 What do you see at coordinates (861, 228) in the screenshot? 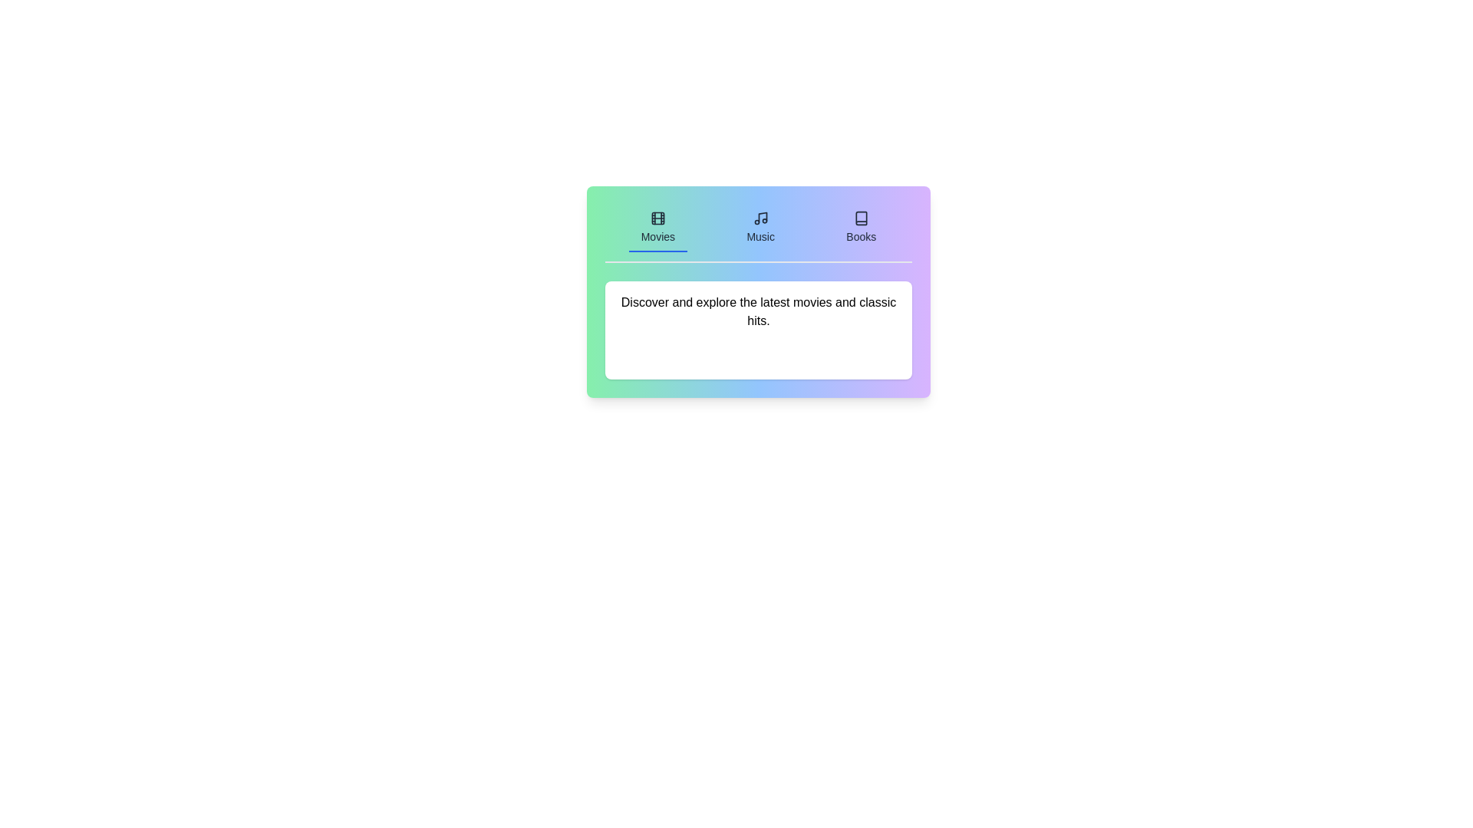
I see `the Books tab to display its content` at bounding box center [861, 228].